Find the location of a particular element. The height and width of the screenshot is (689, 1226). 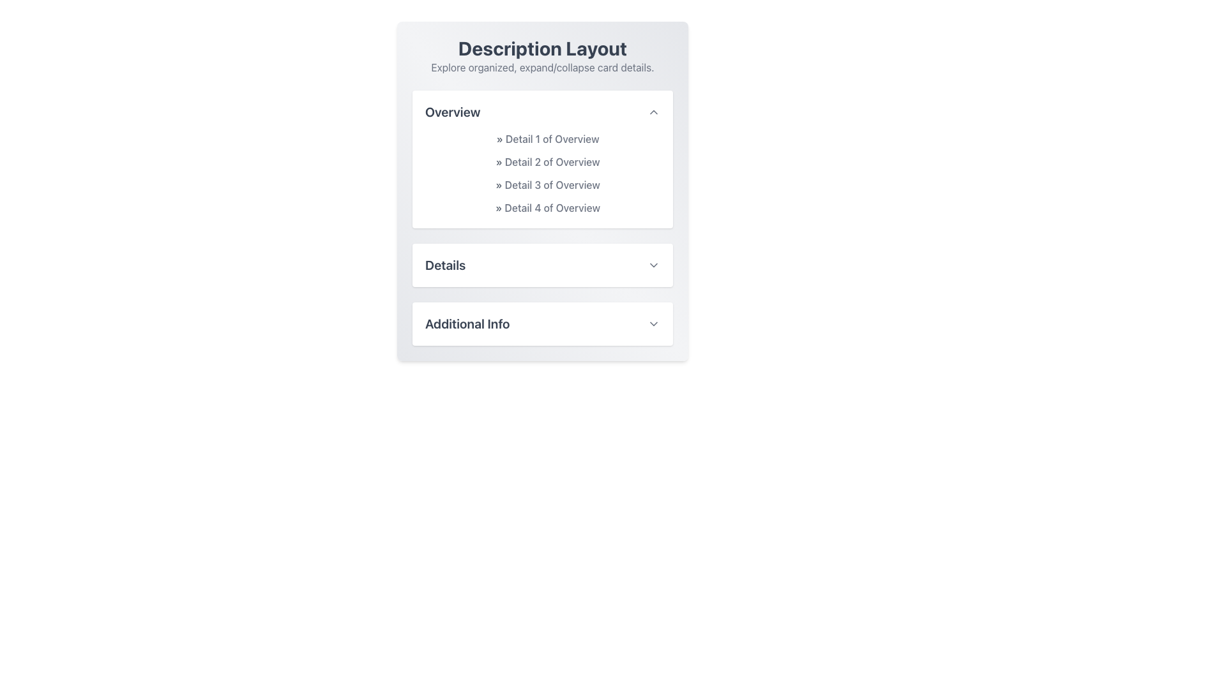

the small gray downward-pointing chevron icon located at the far right of the 'Additional Info' section header to observe its hover effect is located at coordinates (653, 323).